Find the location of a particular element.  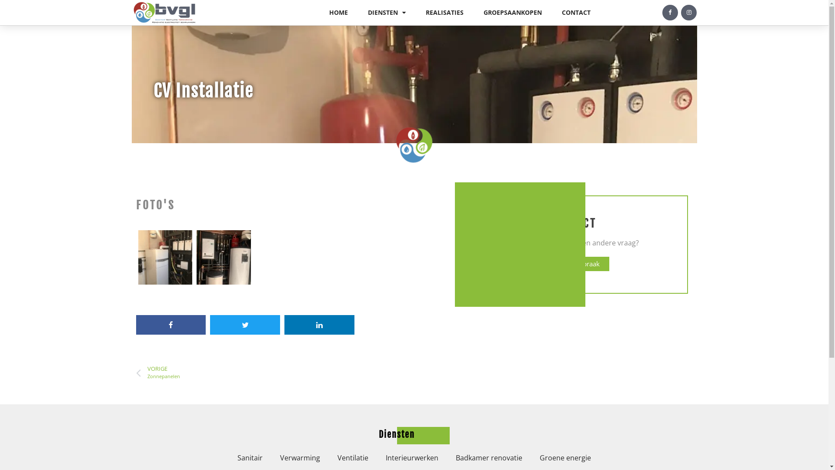

'CONTACT' is located at coordinates (576, 13).